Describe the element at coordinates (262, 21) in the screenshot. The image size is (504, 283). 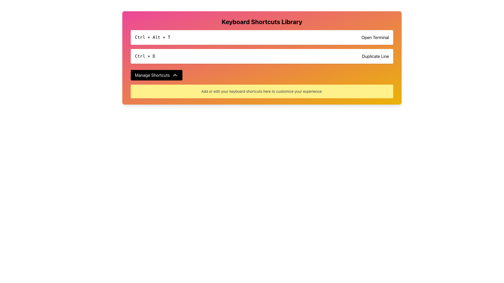
I see `the header Text Label that indicates the context of the keyboard shortcuts available below` at that location.